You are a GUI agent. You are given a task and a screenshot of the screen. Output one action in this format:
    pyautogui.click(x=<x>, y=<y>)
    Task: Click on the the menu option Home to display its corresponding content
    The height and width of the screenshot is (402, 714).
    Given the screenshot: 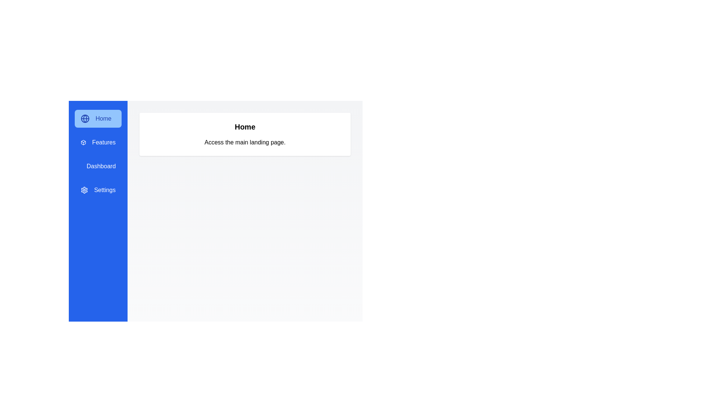 What is the action you would take?
    pyautogui.click(x=98, y=118)
    